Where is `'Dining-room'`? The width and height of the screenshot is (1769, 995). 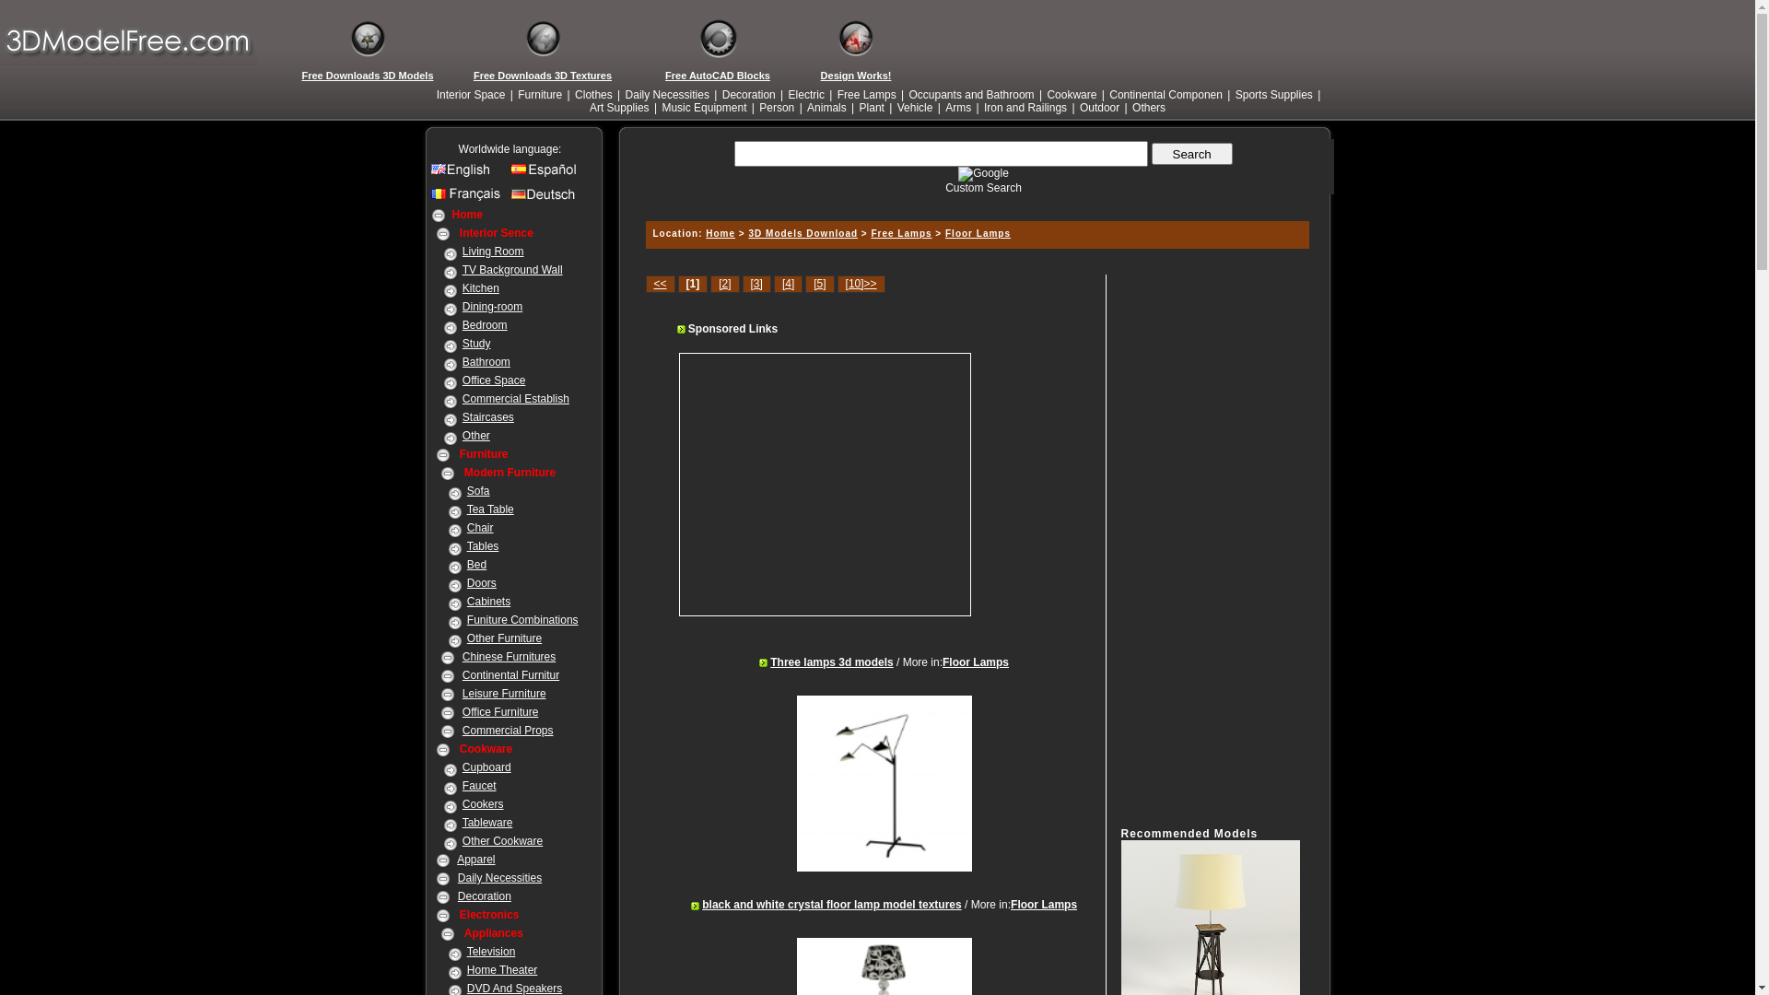
'Dining-room' is located at coordinates (492, 305).